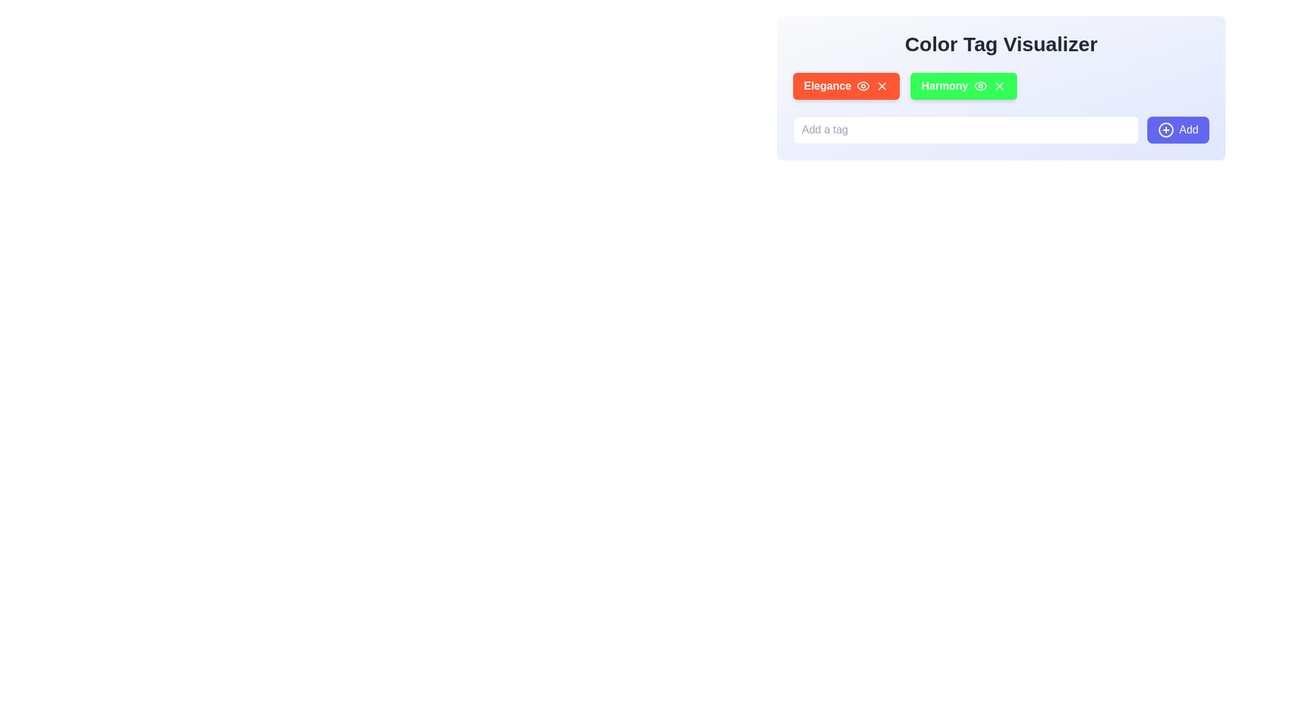 The height and width of the screenshot is (728, 1295). I want to click on the 'Add' button which features a white text on a purple background with a plus icon on its left, located in the lower right corner of the 'Color Tag Visualizer' interface, so click(1188, 129).